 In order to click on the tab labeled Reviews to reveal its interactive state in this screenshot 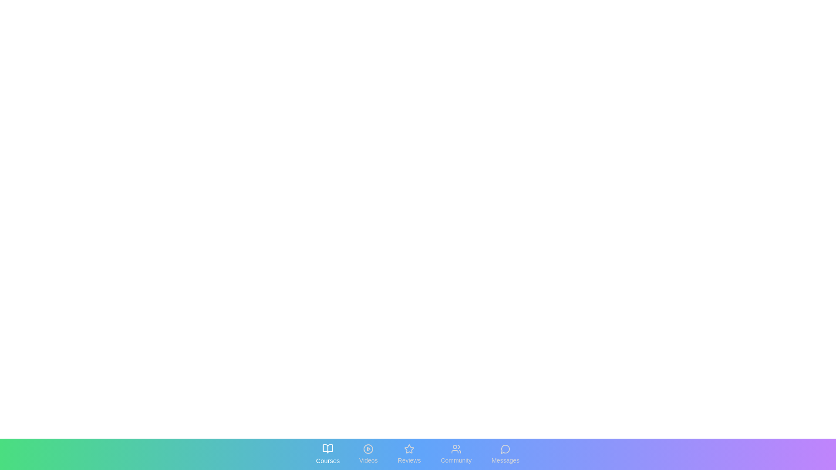, I will do `click(409, 454)`.